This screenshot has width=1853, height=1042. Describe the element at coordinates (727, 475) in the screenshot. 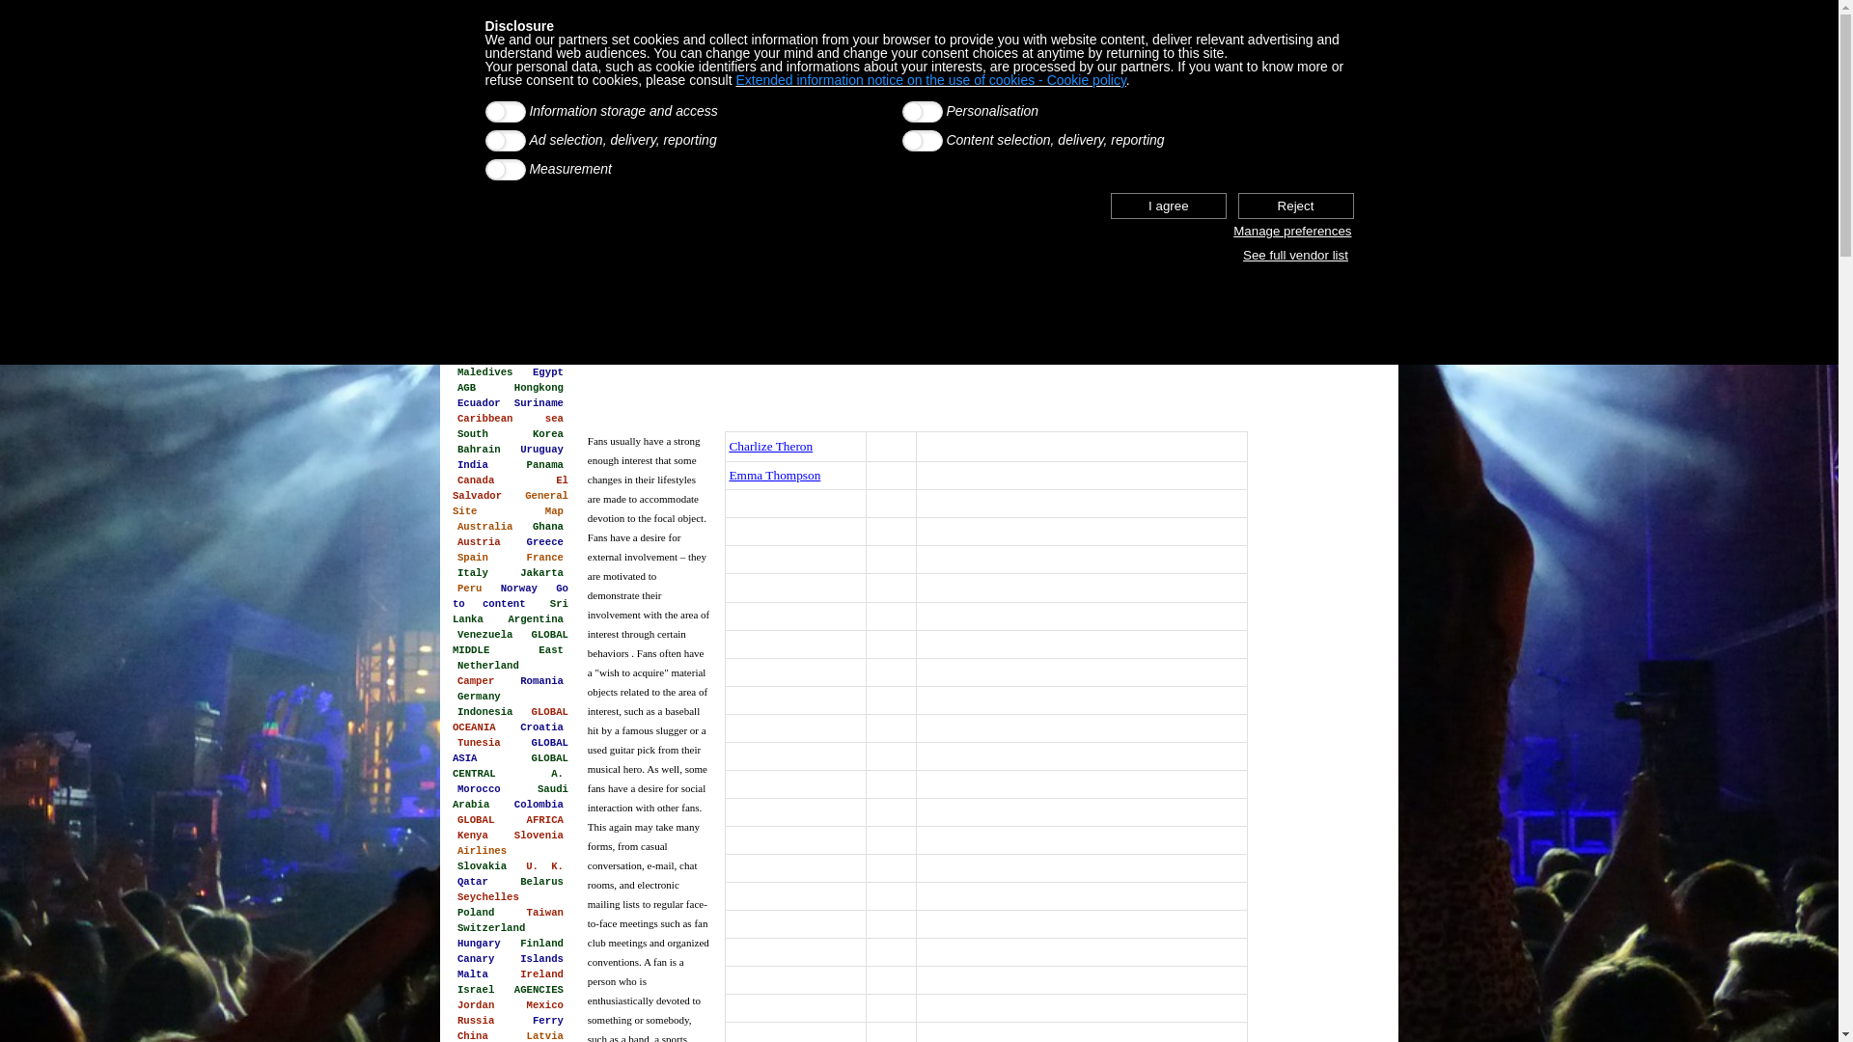

I see `'Emma Thompson'` at that location.